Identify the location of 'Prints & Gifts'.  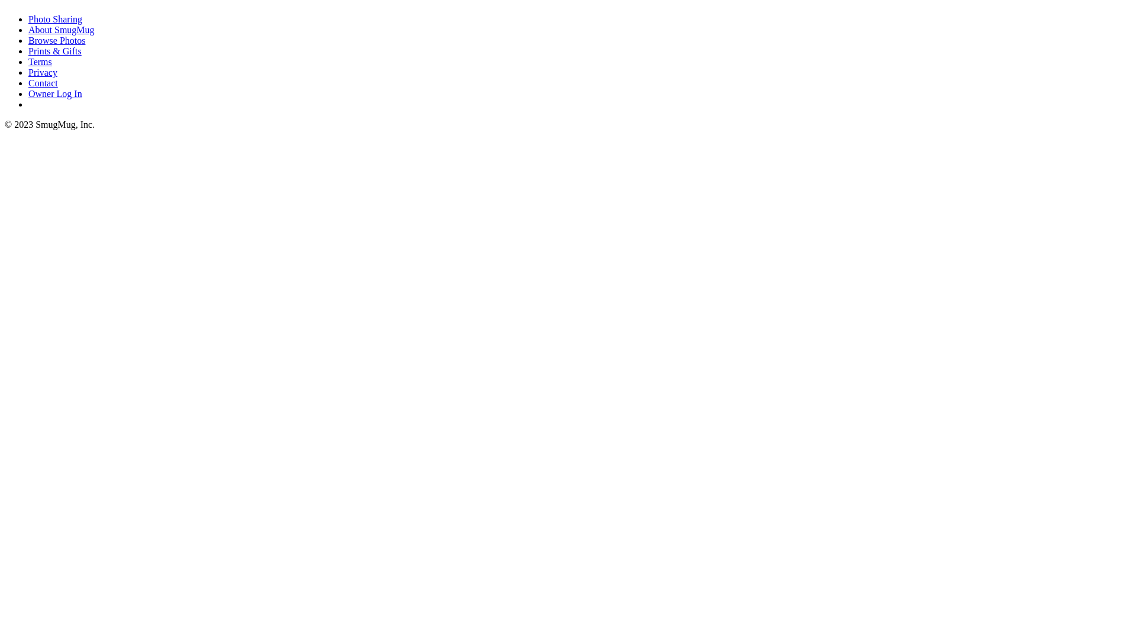
(28, 50).